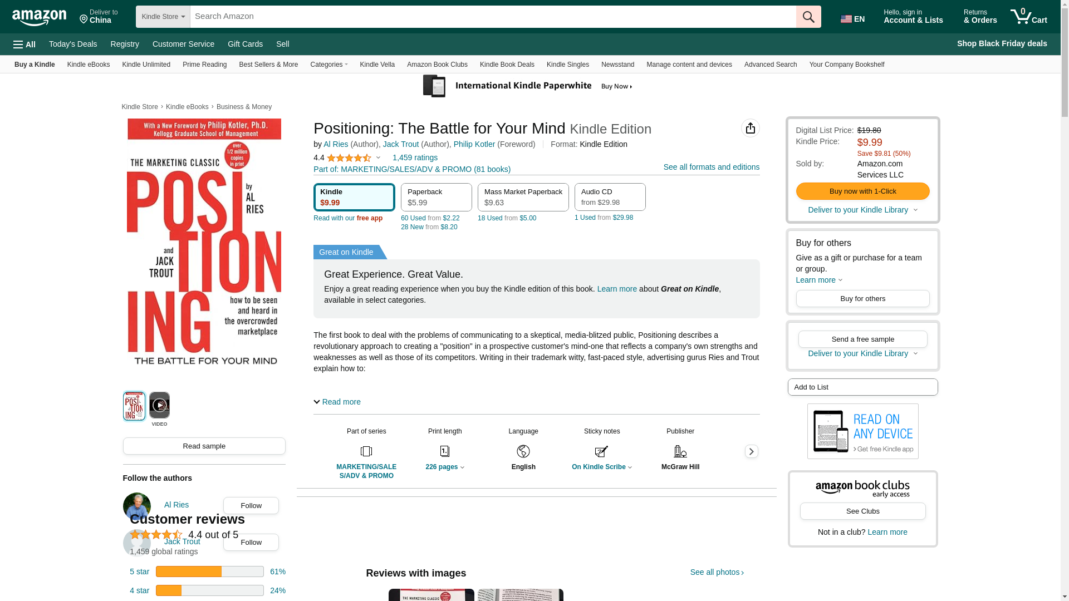 The height and width of the screenshot is (601, 1069). I want to click on 'Part of: MARKETING/SALES/ADV & PROMO (81 books)', so click(411, 169).